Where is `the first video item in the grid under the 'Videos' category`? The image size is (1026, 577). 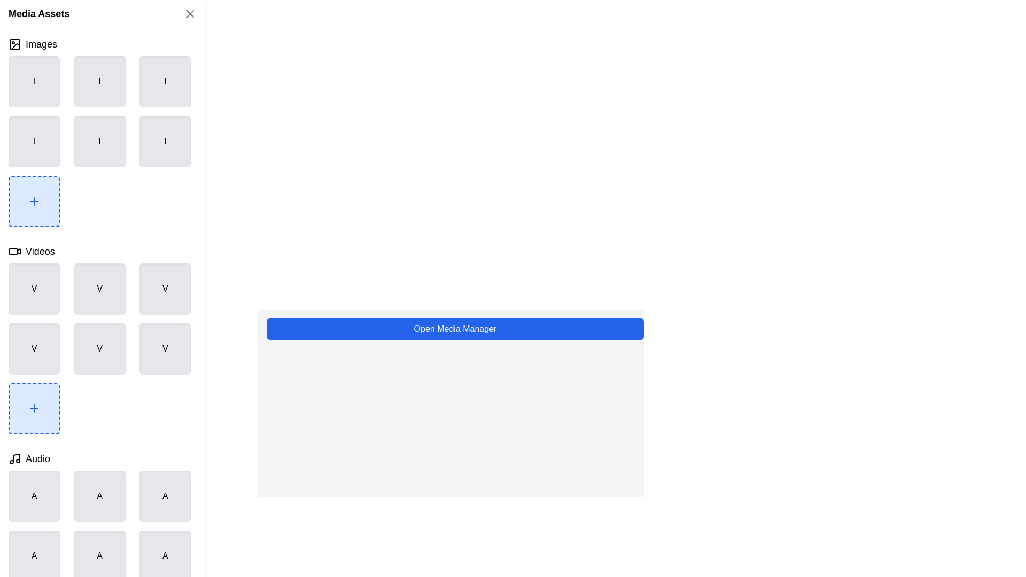
the first video item in the grid under the 'Videos' category is located at coordinates (34, 288).